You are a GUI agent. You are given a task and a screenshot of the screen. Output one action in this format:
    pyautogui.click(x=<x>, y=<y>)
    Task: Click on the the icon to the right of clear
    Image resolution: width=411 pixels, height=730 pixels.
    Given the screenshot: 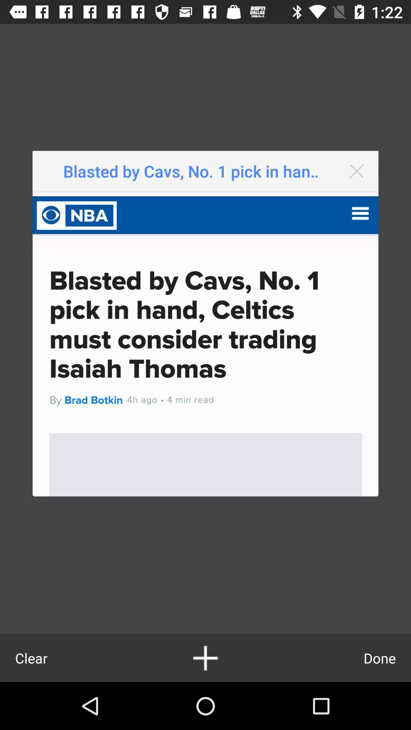 What is the action you would take?
    pyautogui.click(x=205, y=658)
    